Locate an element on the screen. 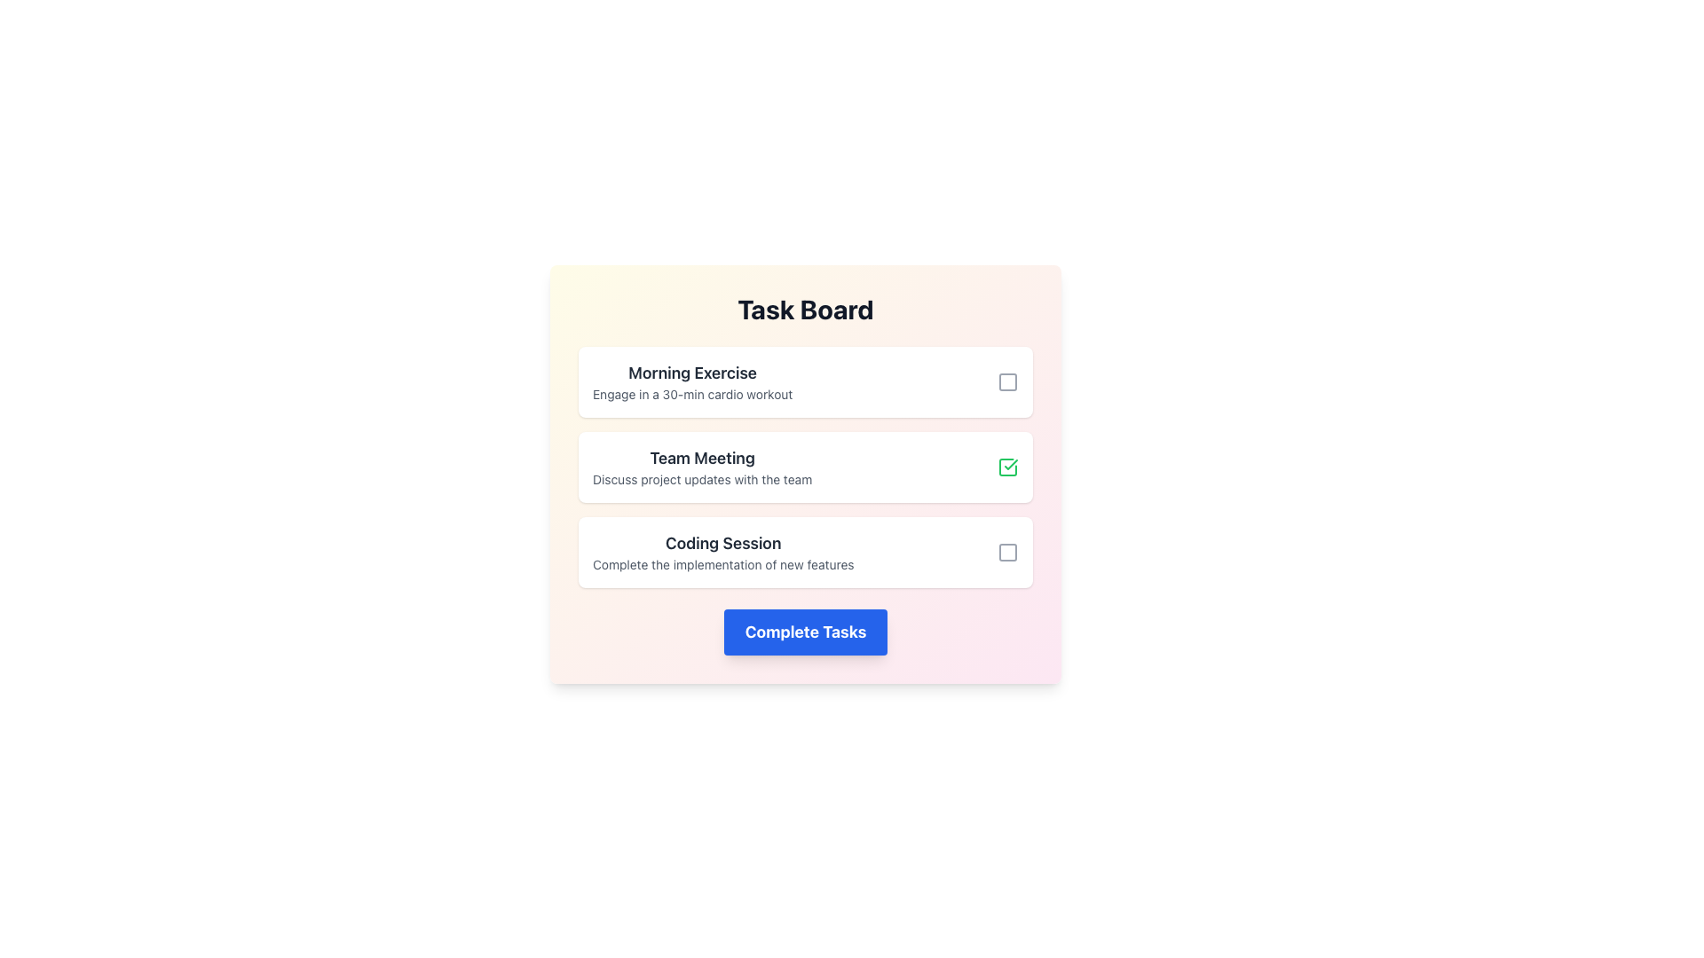  the 'Morning Exercise' label, which is a bold text label in dark gray color located above the subtitle 'Engage in a 30-min cardio workout' and to the left of a checkbox in the first task section under 'Task Board' is located at coordinates (691, 372).